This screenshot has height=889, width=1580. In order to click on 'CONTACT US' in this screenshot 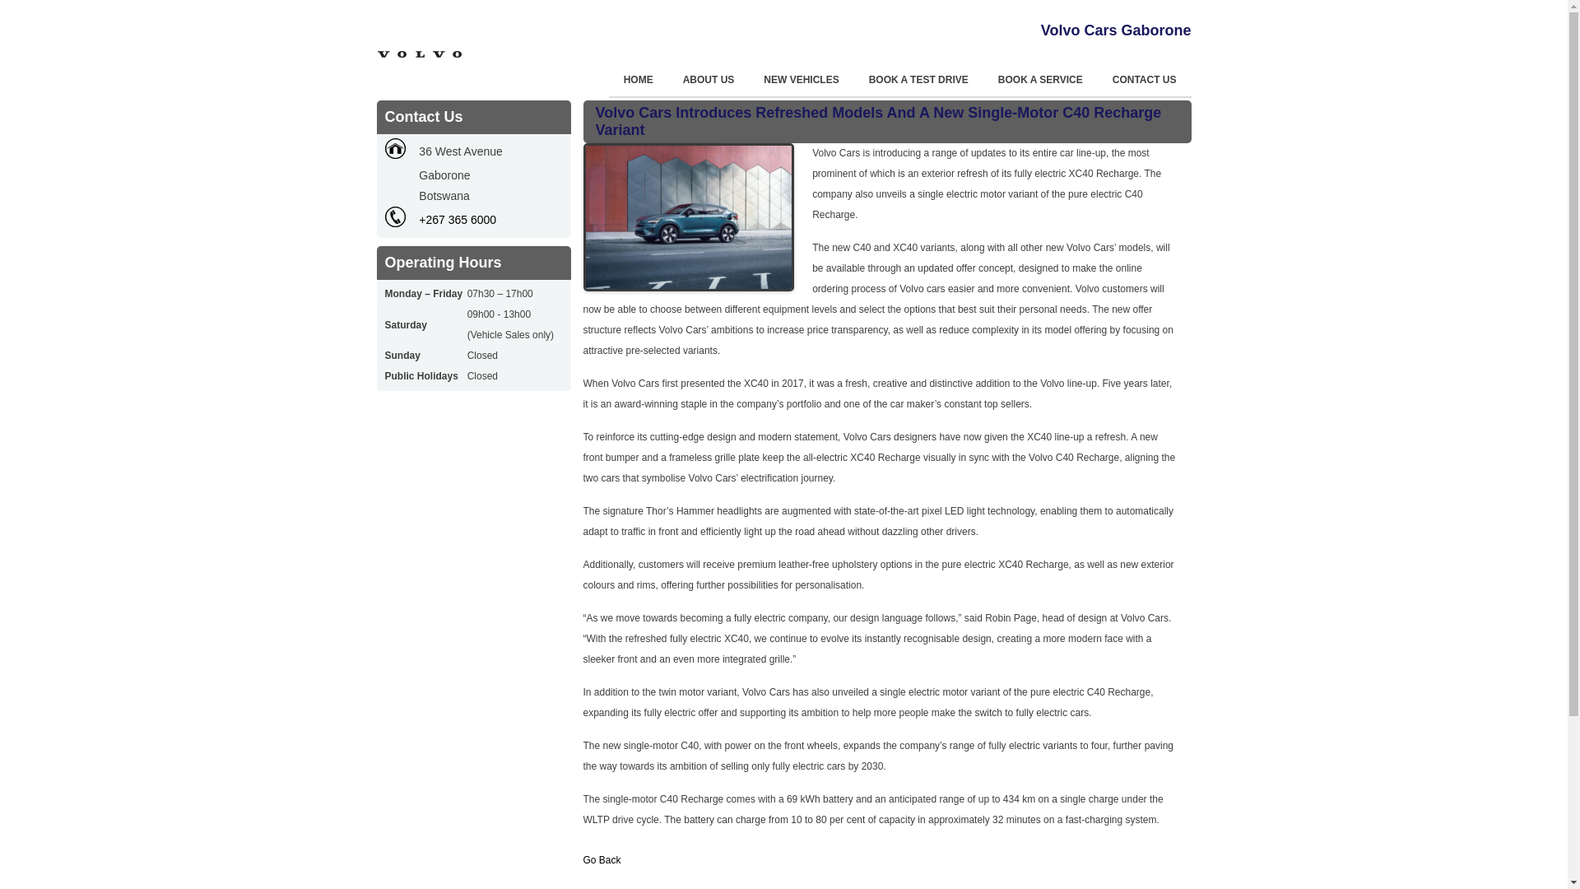, I will do `click(1098, 80)`.